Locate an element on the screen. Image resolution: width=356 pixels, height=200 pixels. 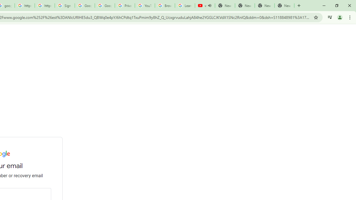
'https://scholar.google.com/' is located at coordinates (45, 6).